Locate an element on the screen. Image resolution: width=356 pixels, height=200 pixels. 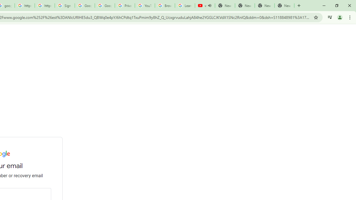
'https://scholar.google.com/' is located at coordinates (45, 6).